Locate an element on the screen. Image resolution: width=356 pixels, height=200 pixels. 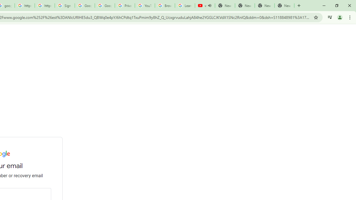
'https://scholar.google.com/' is located at coordinates (45, 6).